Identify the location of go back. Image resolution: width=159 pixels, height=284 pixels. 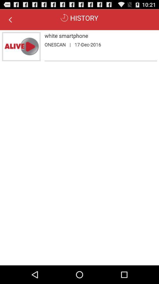
(10, 20).